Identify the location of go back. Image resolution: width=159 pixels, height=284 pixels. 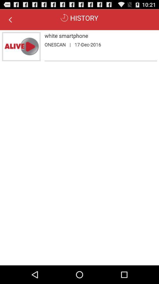
(10, 20).